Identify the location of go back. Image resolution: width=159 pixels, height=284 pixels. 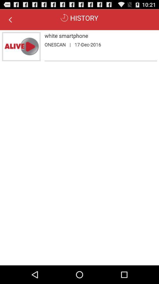
(10, 20).